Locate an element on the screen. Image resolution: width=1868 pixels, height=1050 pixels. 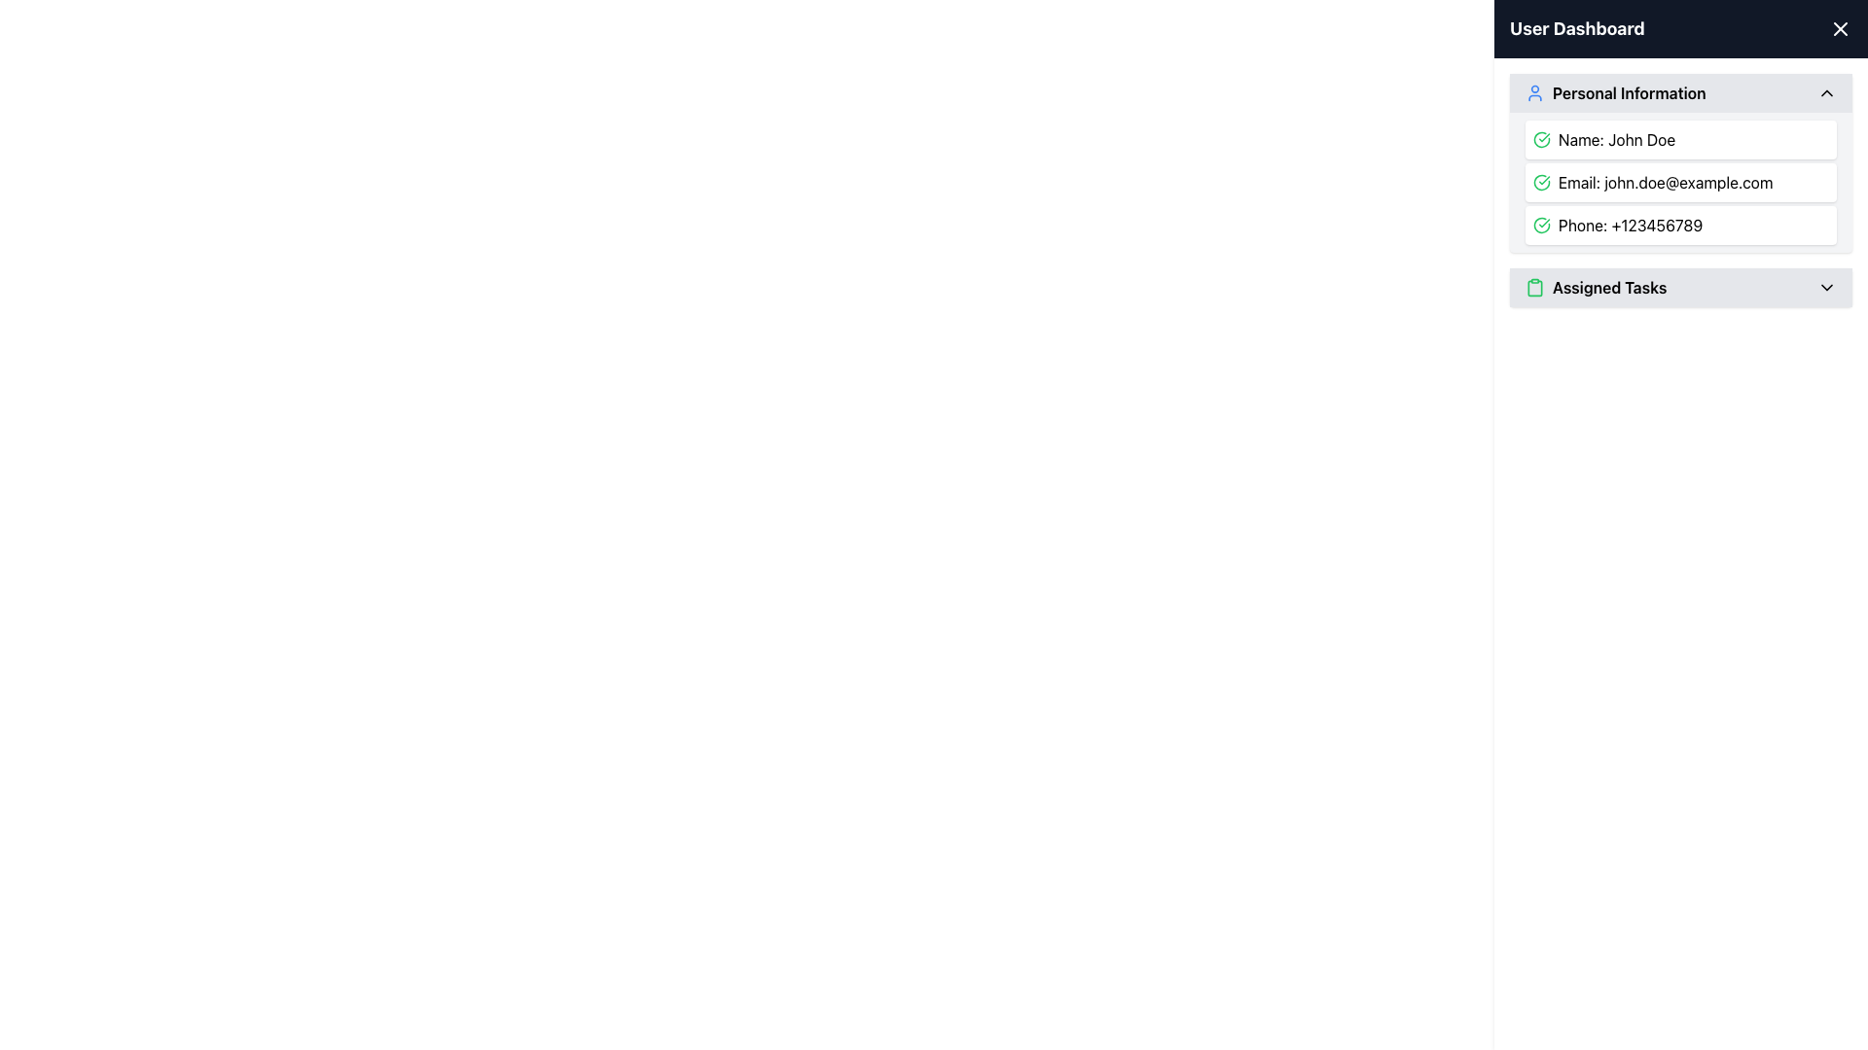
the circular graphical figure icon in the 'Personal Information' section associated with the 'Name: John Doe' label is located at coordinates (1540, 138).